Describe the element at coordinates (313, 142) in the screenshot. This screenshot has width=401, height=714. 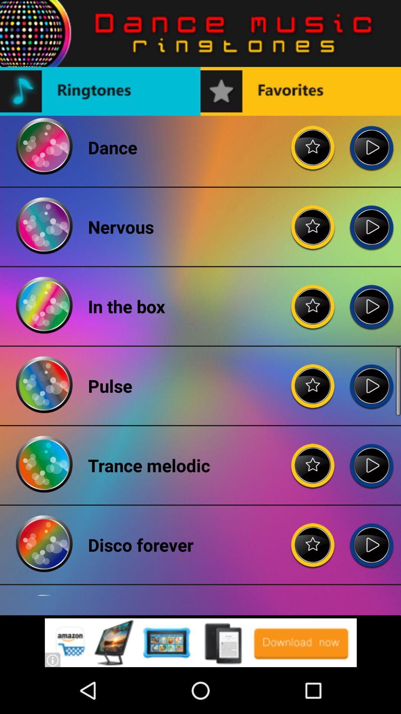
I see `adding favorites` at that location.